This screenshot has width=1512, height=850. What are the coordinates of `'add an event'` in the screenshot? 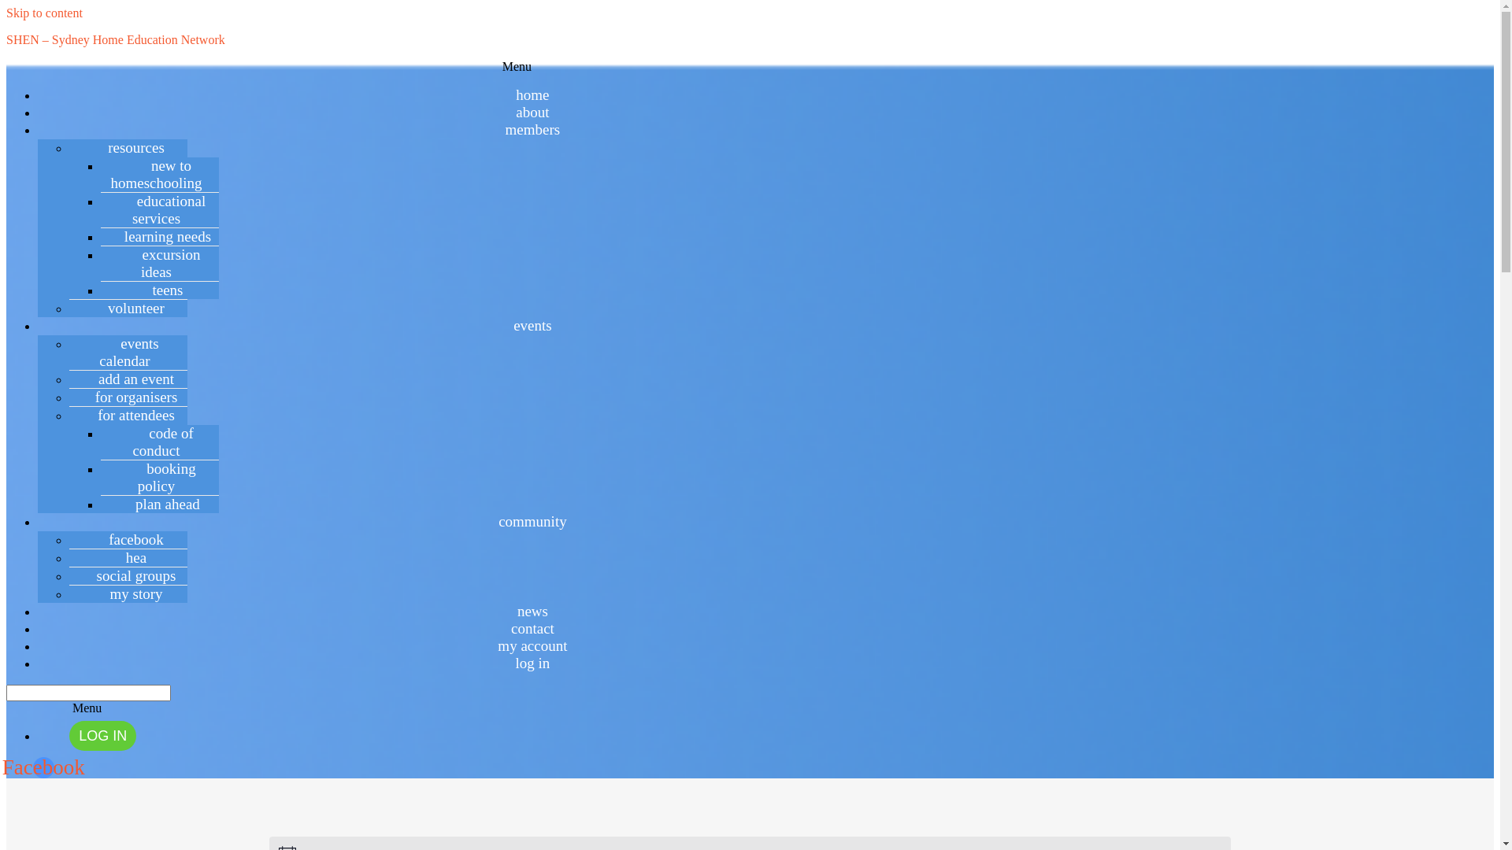 It's located at (128, 379).